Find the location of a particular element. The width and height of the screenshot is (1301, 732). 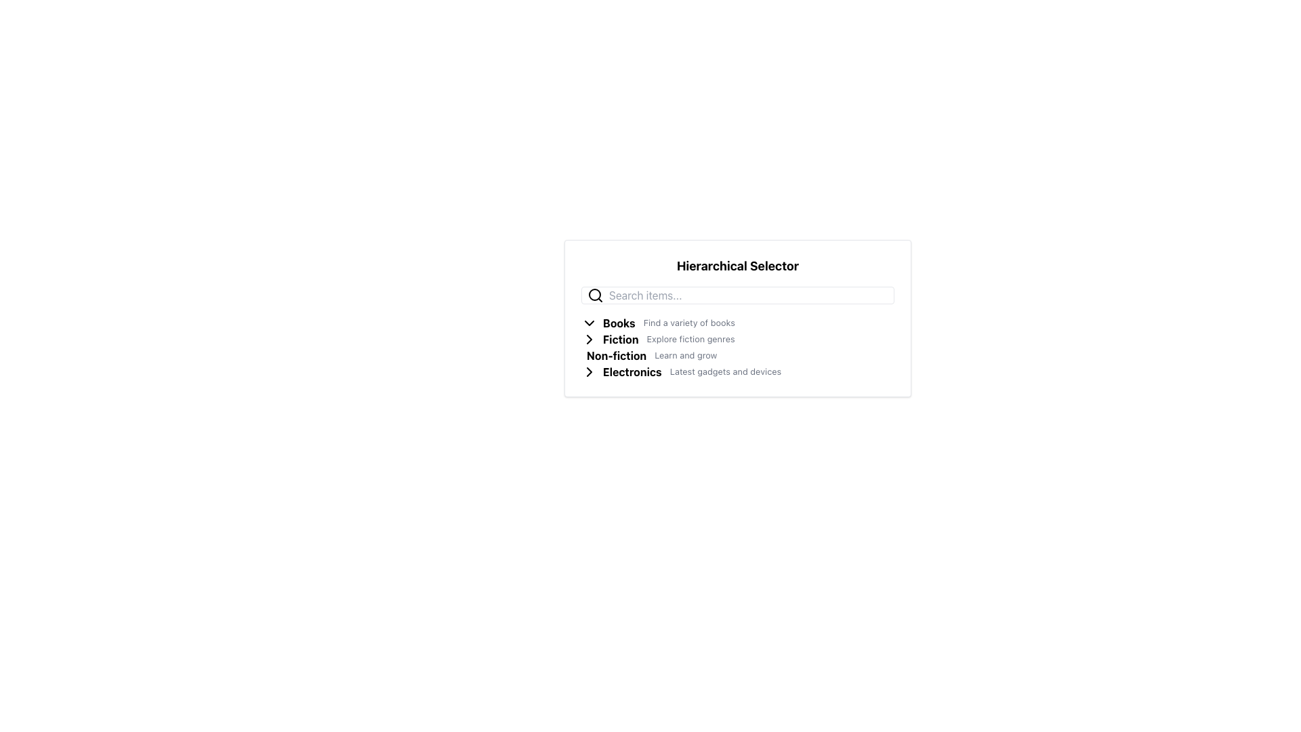

the 'Books' category header text is located at coordinates (618, 323).